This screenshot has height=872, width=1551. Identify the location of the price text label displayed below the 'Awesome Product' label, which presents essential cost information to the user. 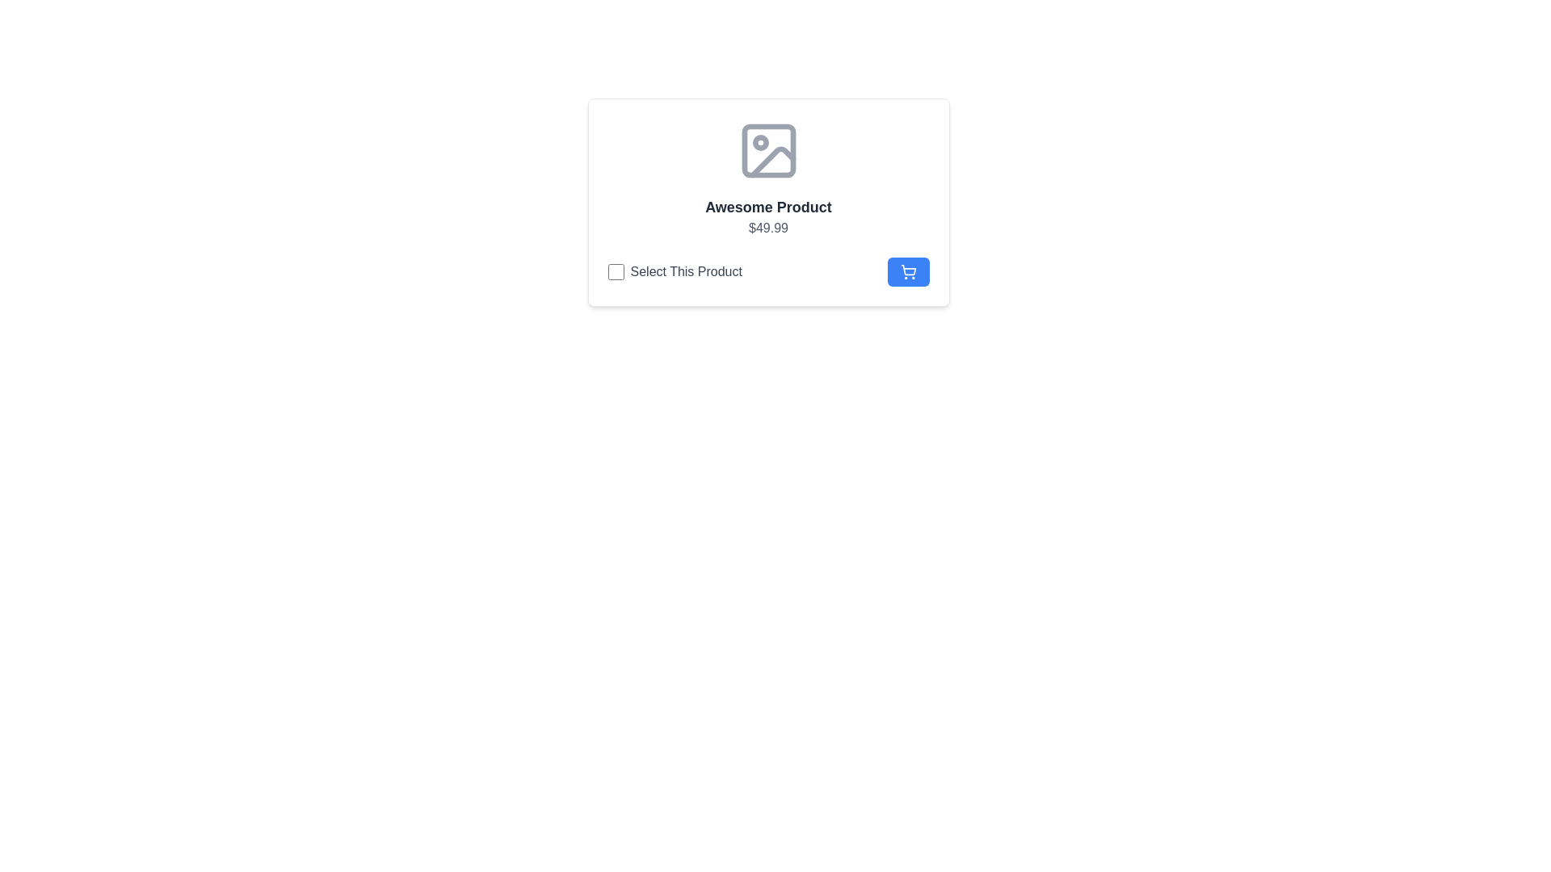
(767, 228).